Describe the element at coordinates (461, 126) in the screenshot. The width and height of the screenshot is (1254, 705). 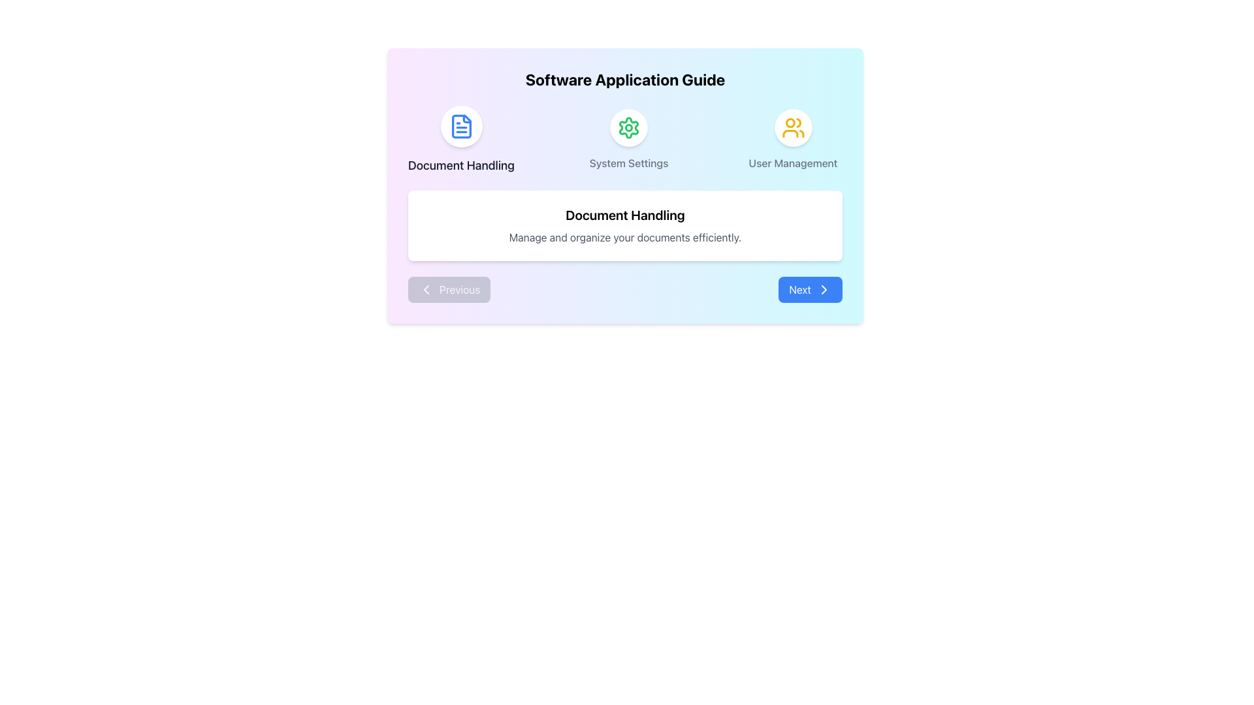
I see `the icon representing the 'Document Handling' section, located in the top-left area above the 'Document Handling' text` at that location.